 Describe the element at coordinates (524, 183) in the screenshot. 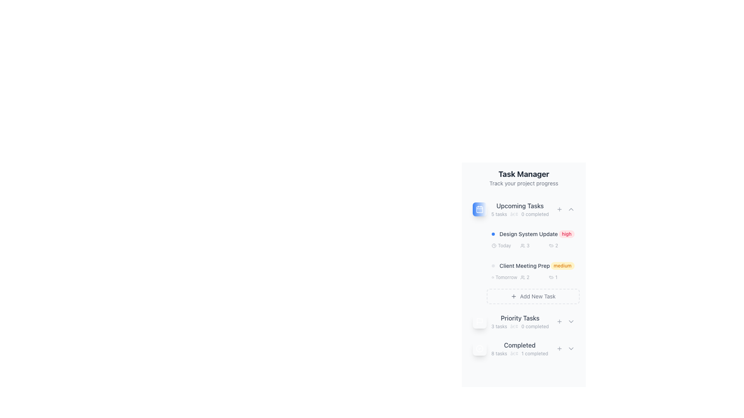

I see `text element displaying 'Track your project progress' located beneath the title 'Task Manager' in the sidebar interface` at that location.